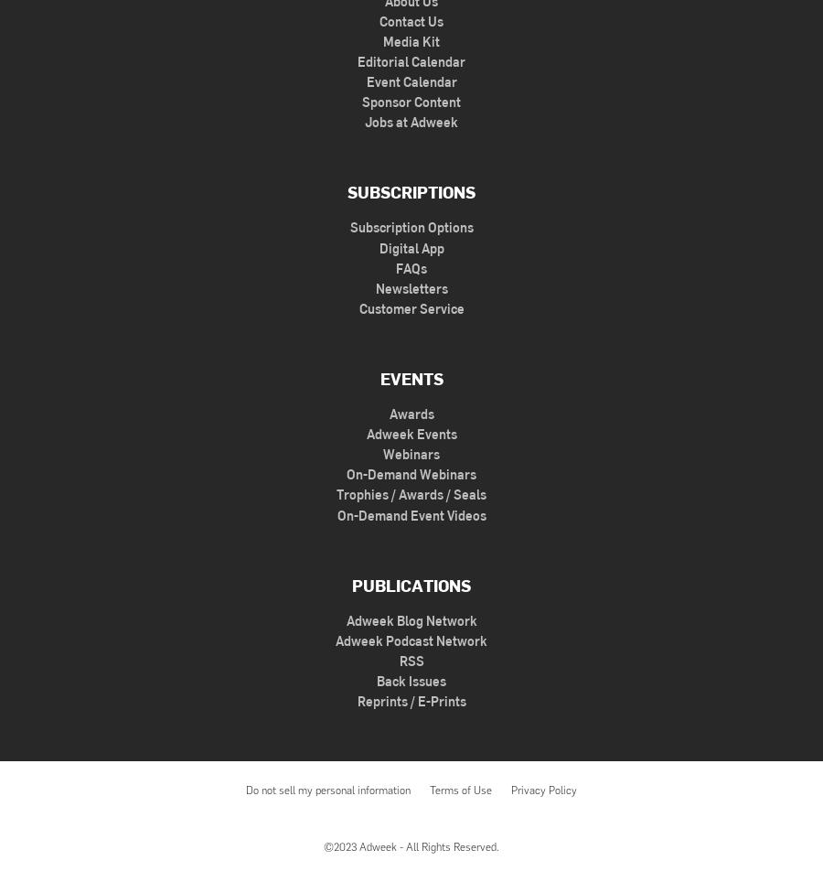 This screenshot has height=882, width=823. Describe the element at coordinates (273, 193) in the screenshot. I see `'What Is Incrementality and Why Is It Critical for Proving ROI?'` at that location.